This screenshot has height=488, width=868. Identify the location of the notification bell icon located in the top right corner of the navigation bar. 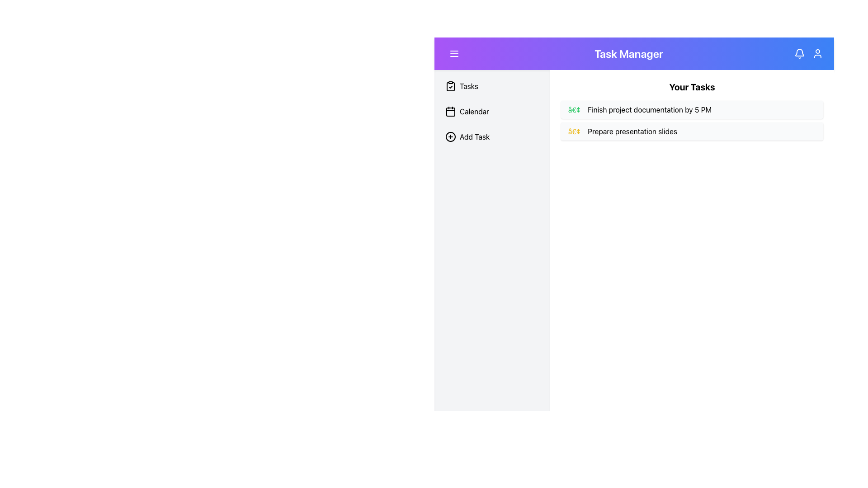
(800, 54).